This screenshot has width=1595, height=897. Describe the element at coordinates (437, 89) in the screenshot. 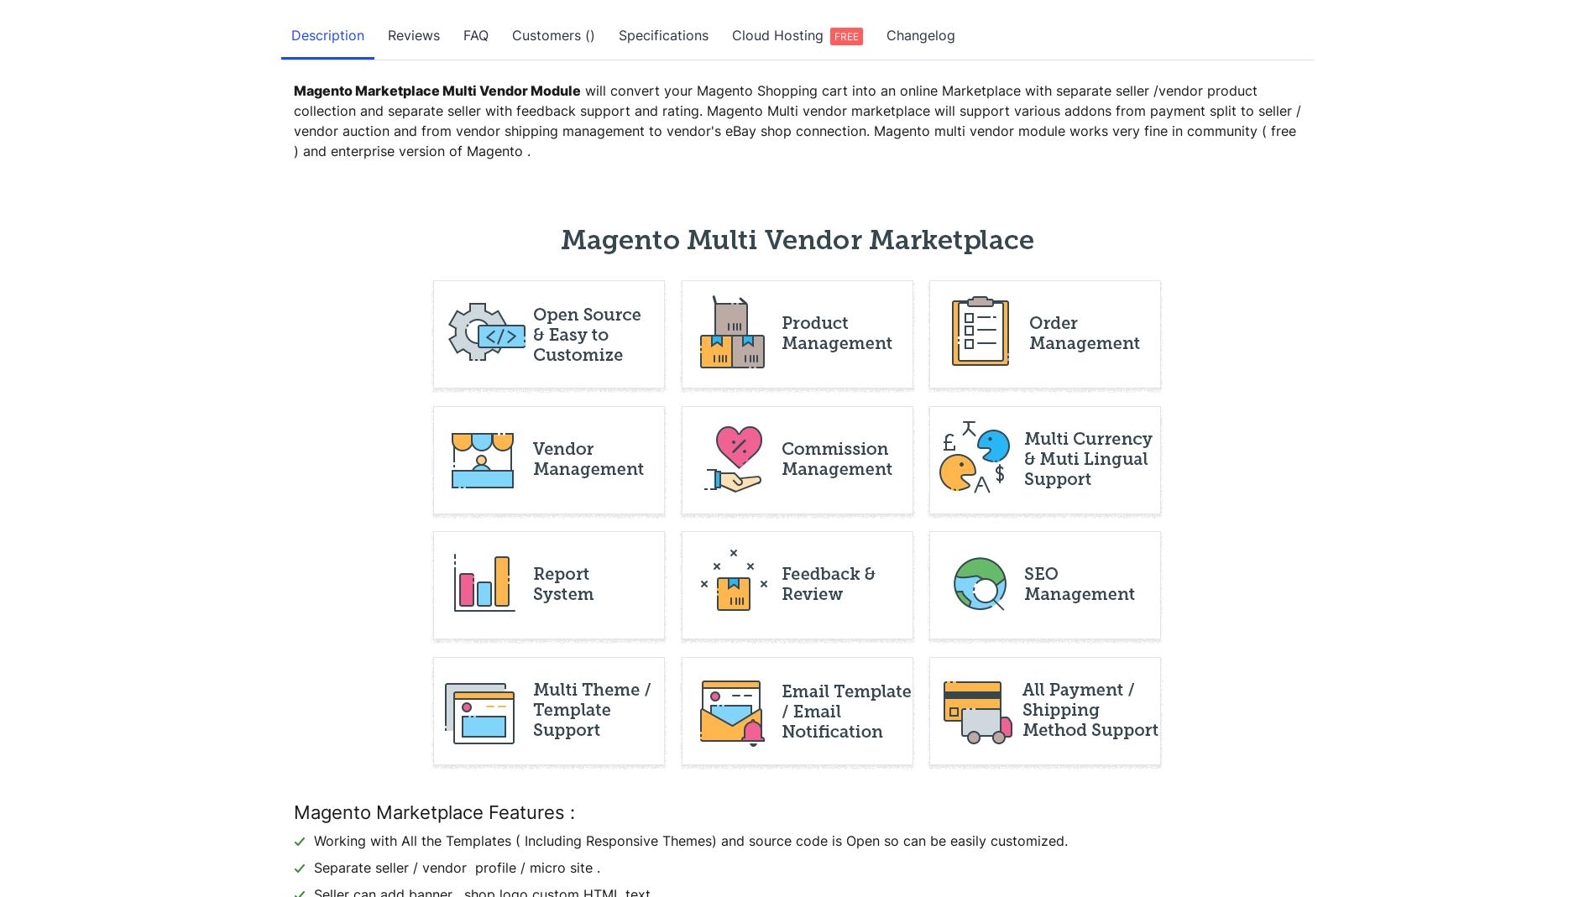

I see `'Magento Marketplace Multi Vendor Module'` at that location.